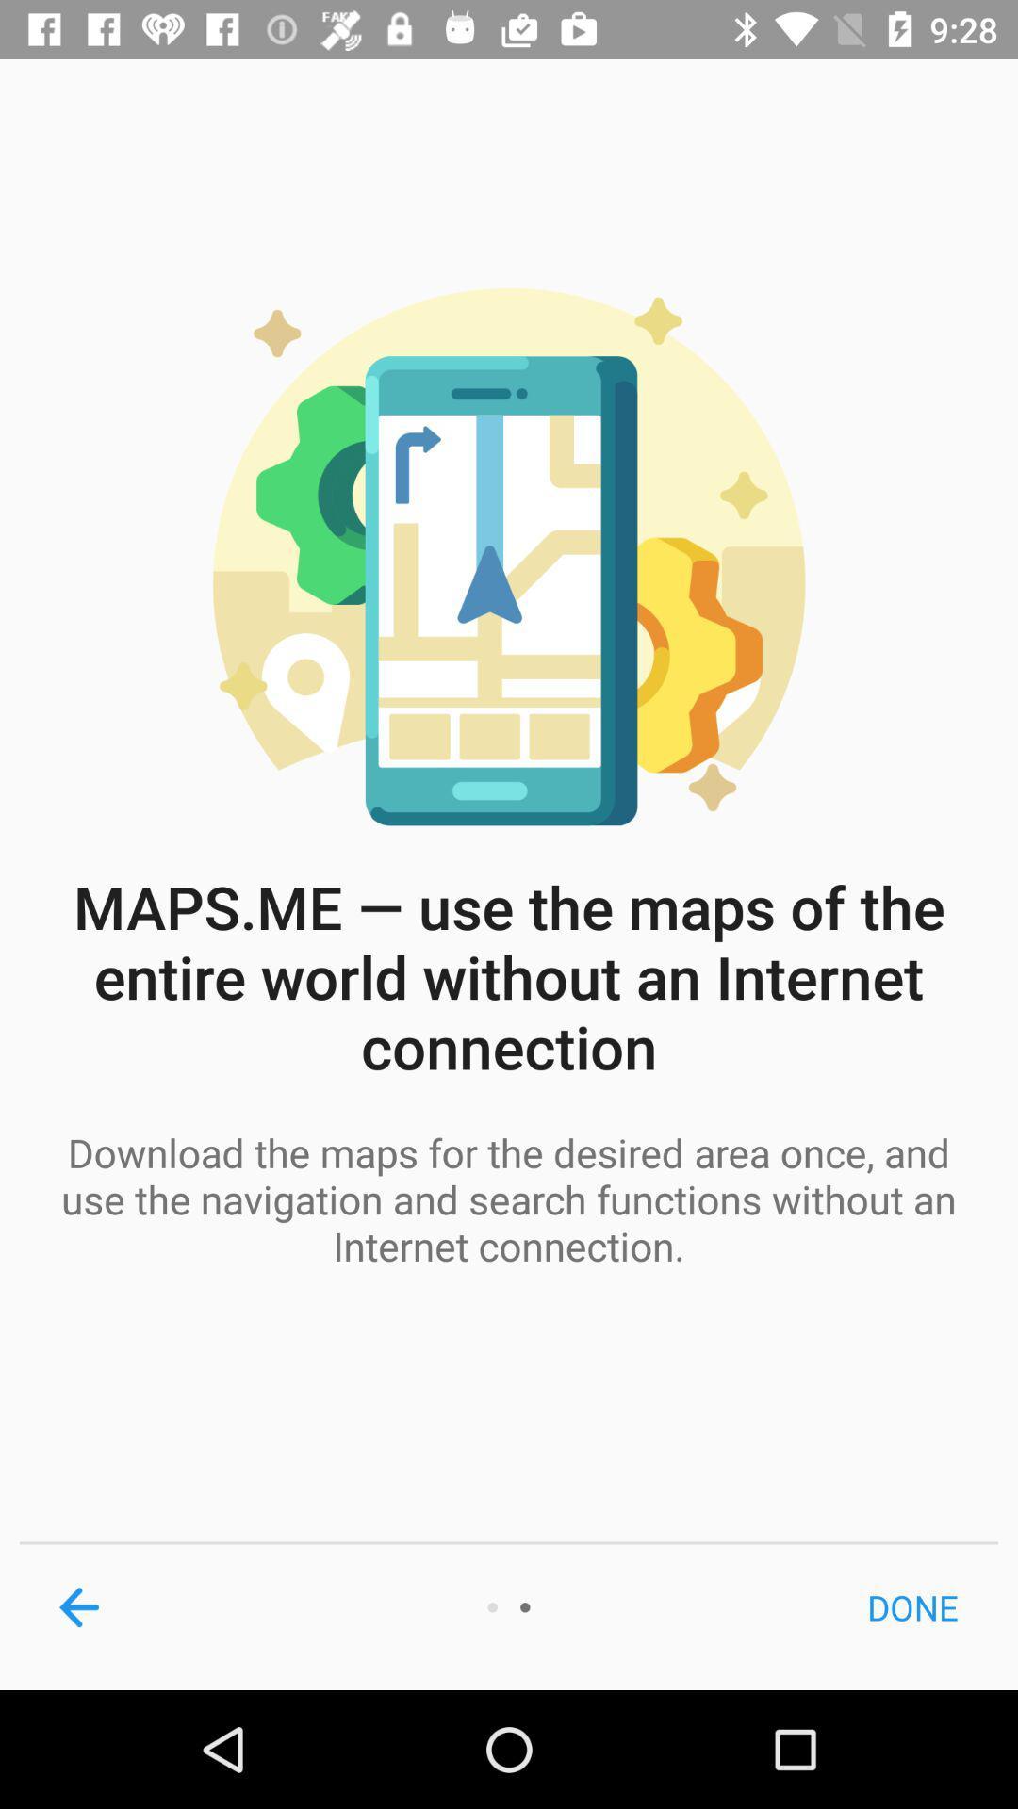 Image resolution: width=1018 pixels, height=1809 pixels. I want to click on the arrow_backward icon, so click(78, 1606).